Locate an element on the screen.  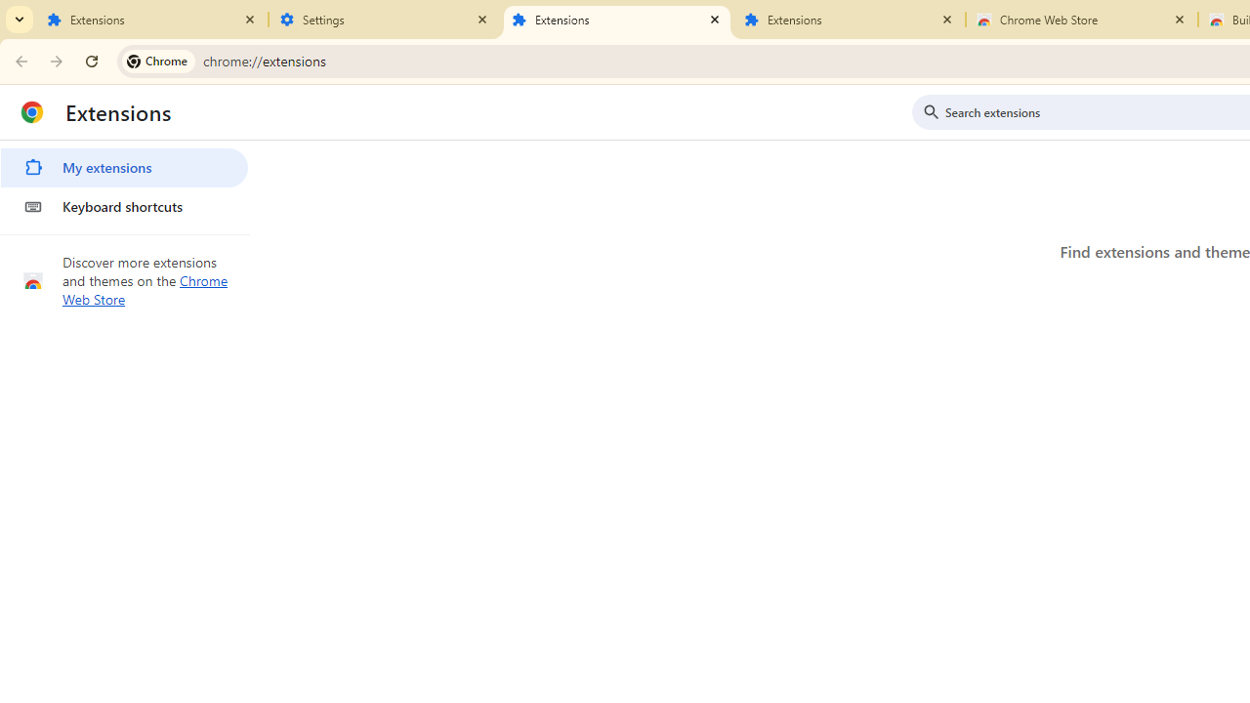
'Chrome Web Store' is located at coordinates (145, 290).